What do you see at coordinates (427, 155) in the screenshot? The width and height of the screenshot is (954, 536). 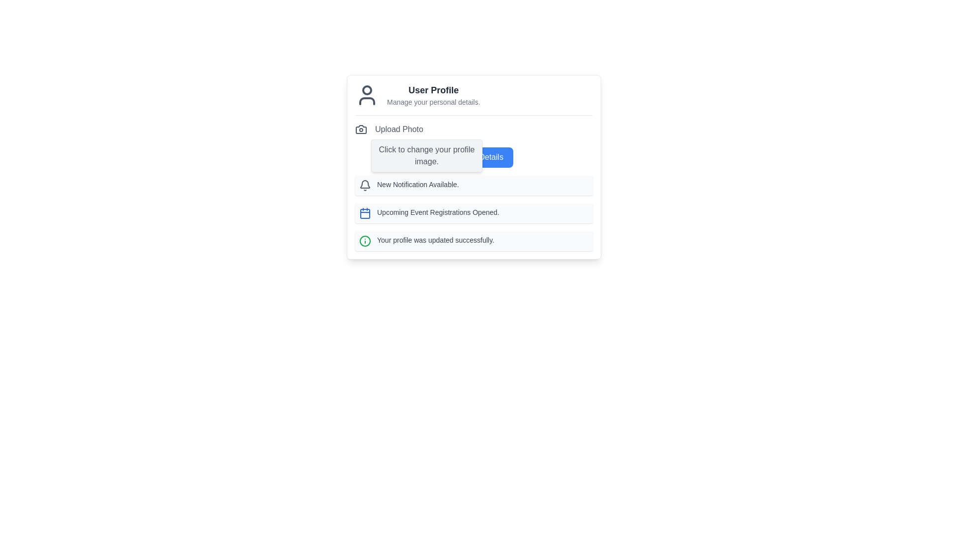 I see `the tooltip with the message 'Click to change your profile image.' that appears beneath the 'Upload Photo' label` at bounding box center [427, 155].